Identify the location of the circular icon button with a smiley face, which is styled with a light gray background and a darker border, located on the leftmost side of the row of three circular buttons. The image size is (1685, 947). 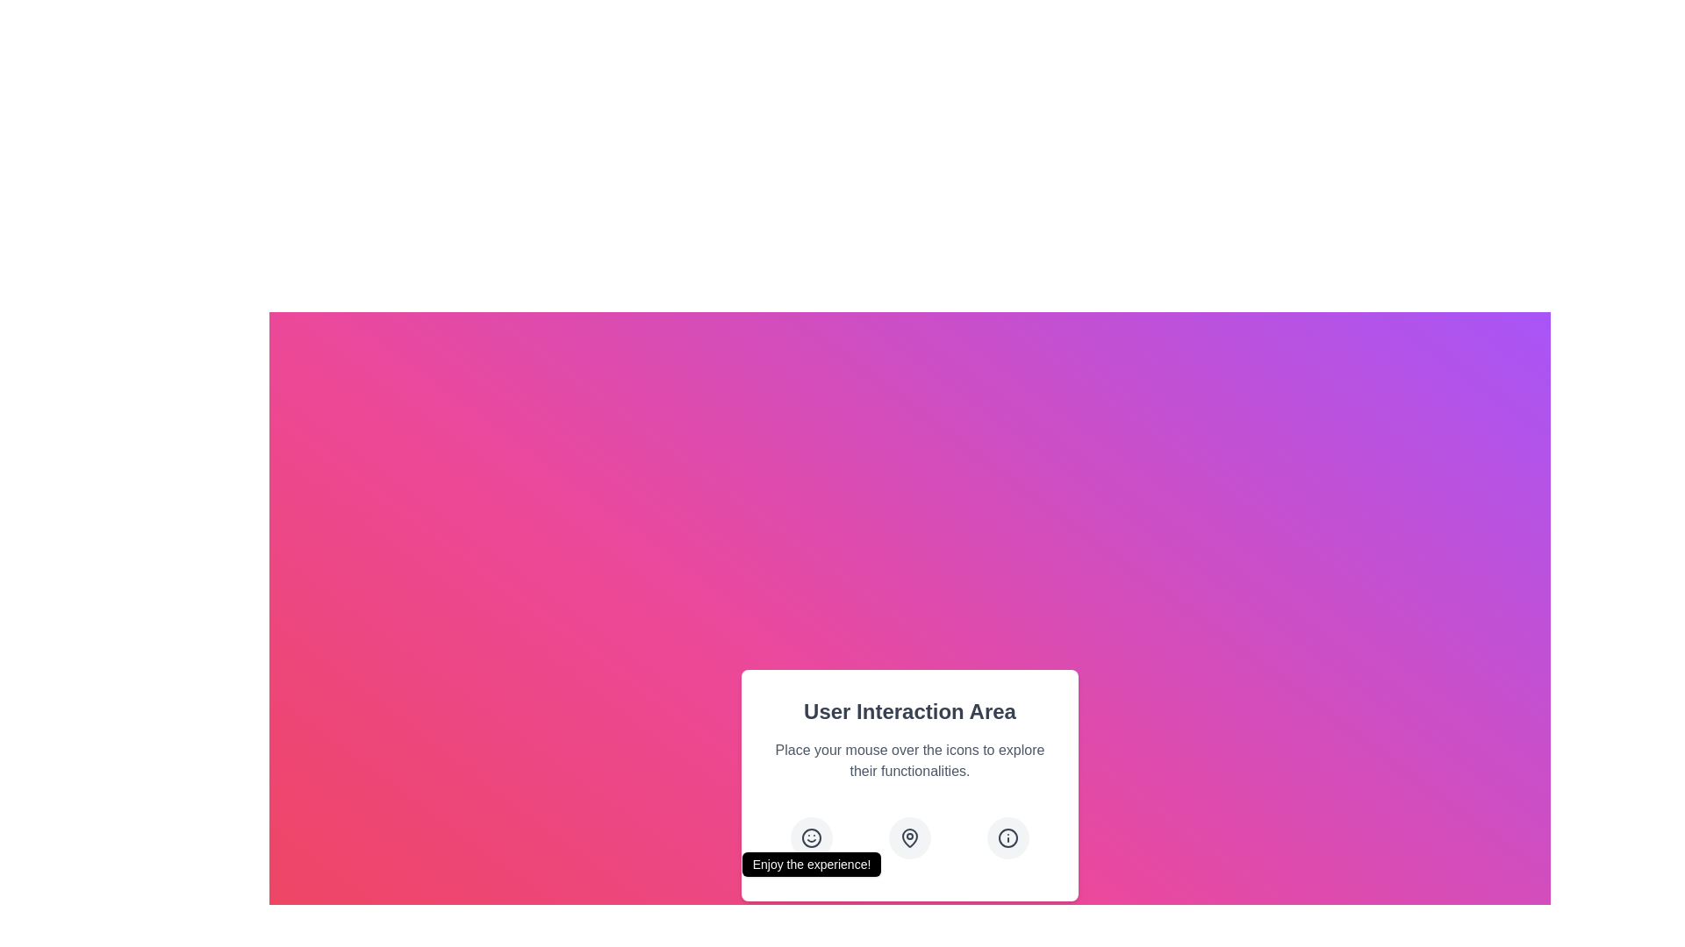
(811, 837).